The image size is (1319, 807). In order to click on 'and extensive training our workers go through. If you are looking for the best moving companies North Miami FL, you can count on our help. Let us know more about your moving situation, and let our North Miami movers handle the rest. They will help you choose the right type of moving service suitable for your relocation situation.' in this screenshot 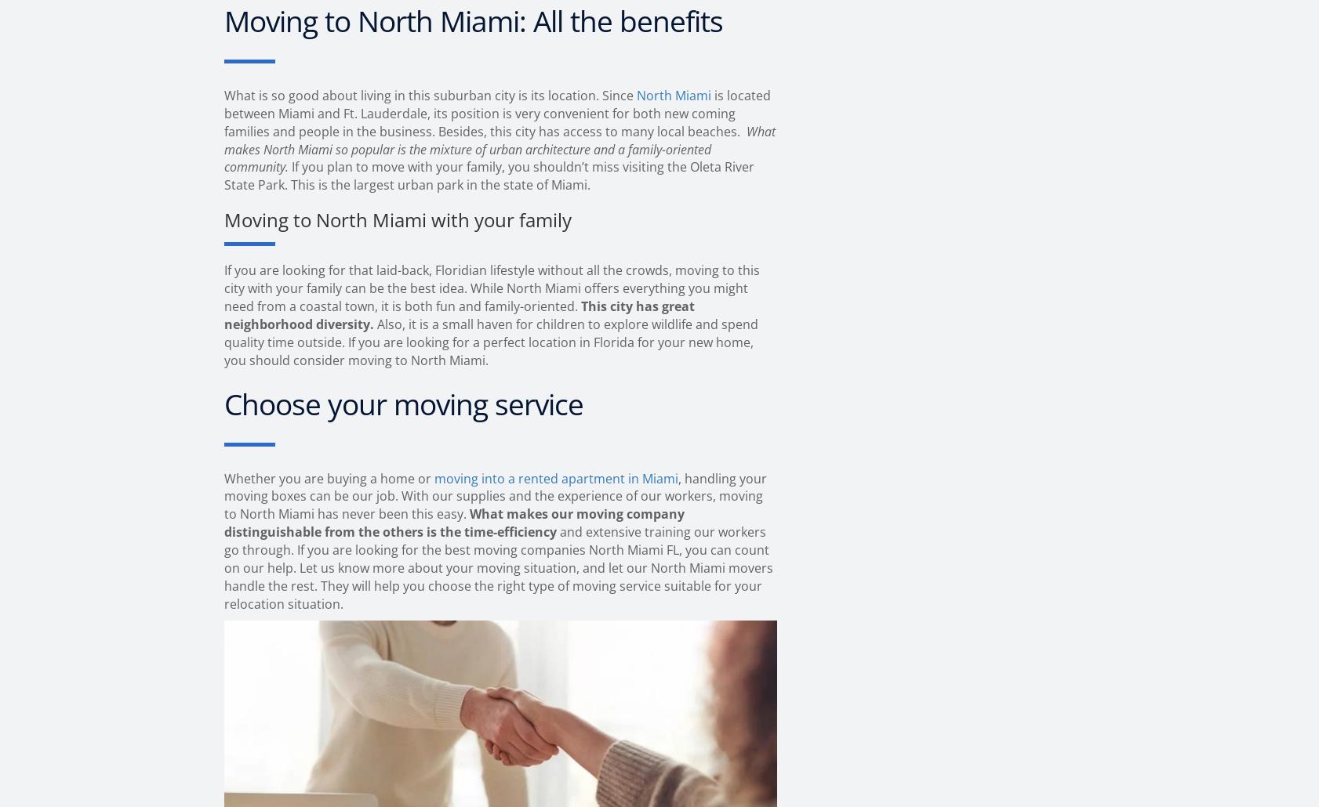, I will do `click(498, 567)`.